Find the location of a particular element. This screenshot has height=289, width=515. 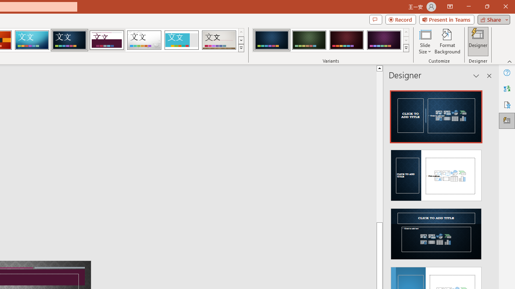

'Damask Variant 4' is located at coordinates (383, 40).